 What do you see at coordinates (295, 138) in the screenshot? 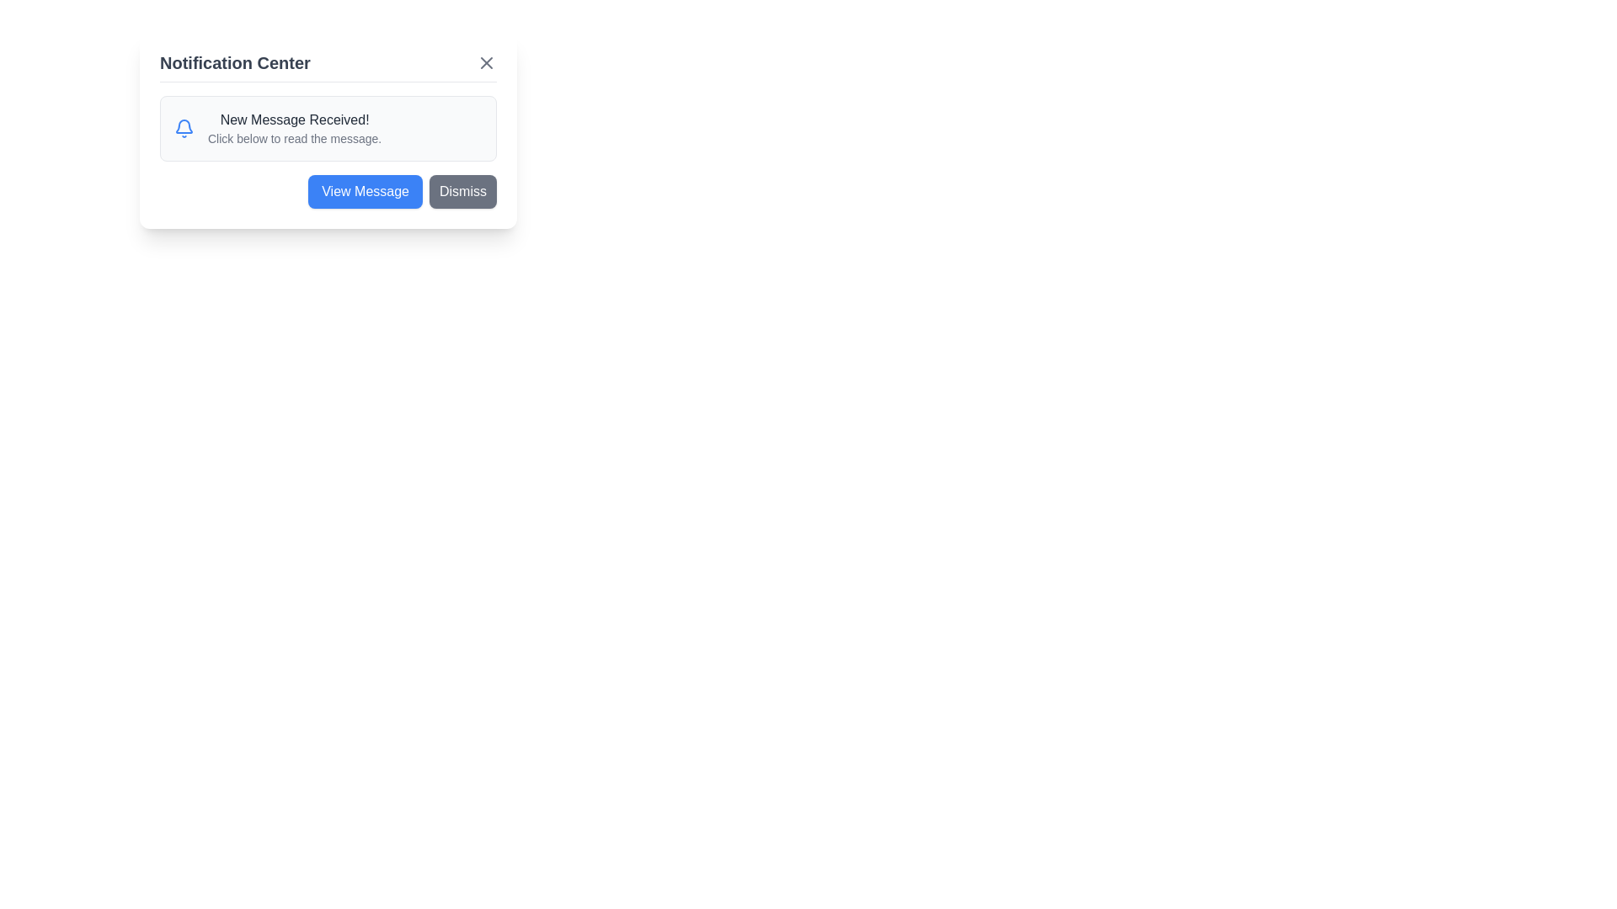
I see `the text label that instructs 'Click below to read the message.' which is styled in gray color and located beneath the notification title 'New Message Received!' in the notification card` at bounding box center [295, 138].